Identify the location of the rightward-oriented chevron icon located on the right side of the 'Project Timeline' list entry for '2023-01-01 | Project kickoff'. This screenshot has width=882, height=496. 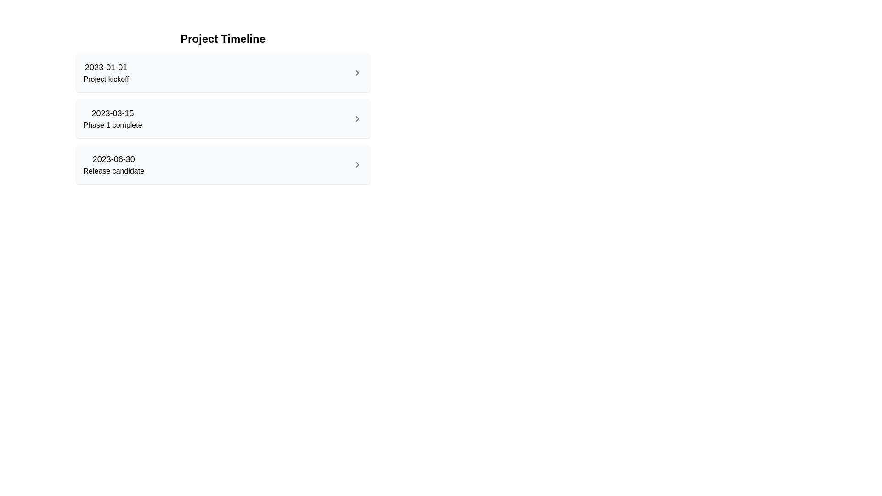
(356, 72).